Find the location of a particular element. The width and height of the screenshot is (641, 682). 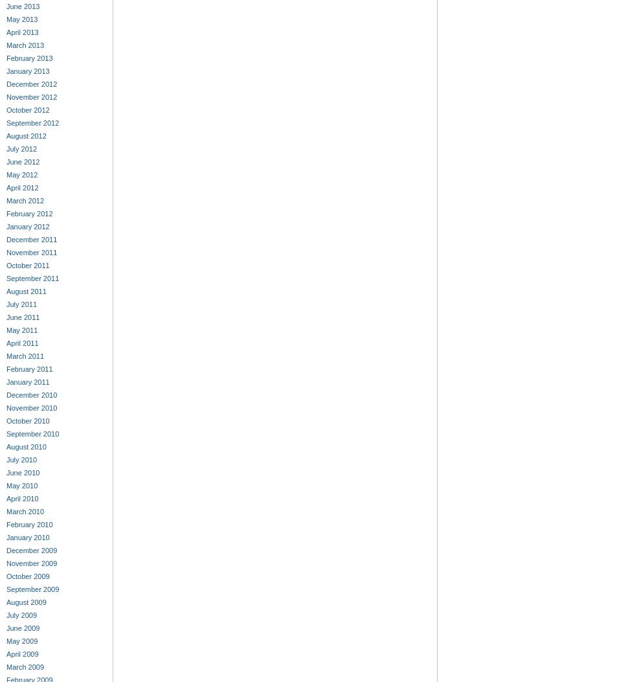

'March 2010' is located at coordinates (25, 511).